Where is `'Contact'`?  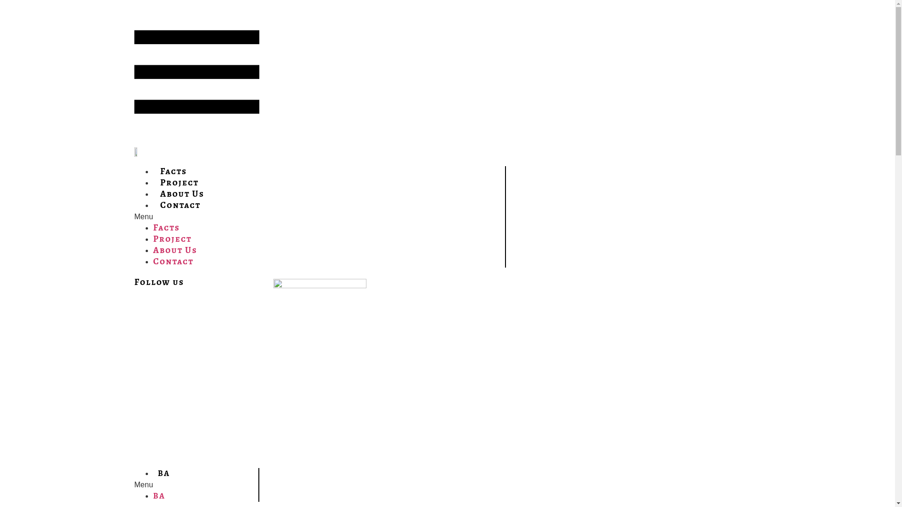
'Contact' is located at coordinates (173, 261).